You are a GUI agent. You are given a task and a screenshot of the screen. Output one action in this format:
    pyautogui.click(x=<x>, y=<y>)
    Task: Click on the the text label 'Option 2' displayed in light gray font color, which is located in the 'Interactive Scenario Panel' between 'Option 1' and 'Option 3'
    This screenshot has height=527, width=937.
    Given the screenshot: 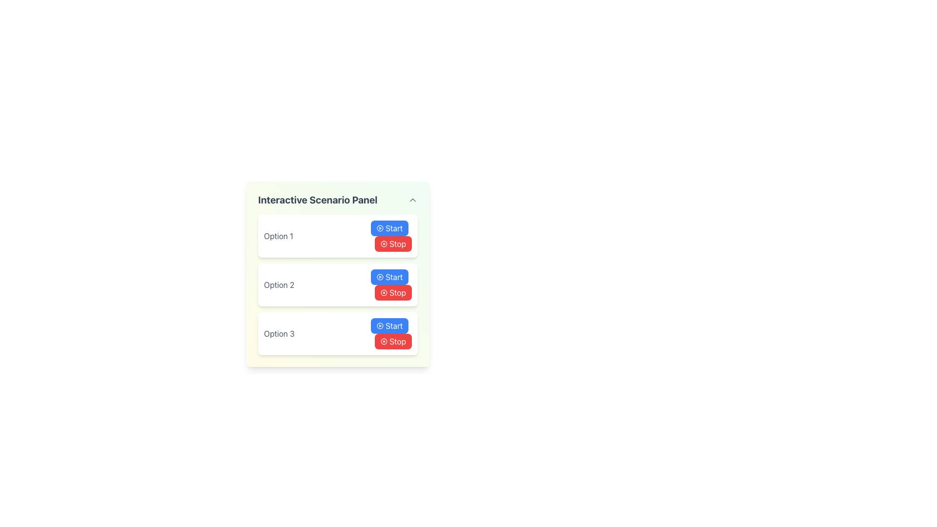 What is the action you would take?
    pyautogui.click(x=279, y=284)
    